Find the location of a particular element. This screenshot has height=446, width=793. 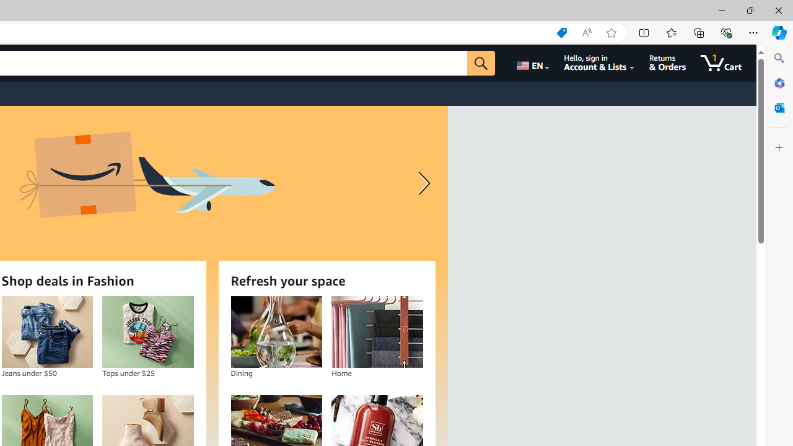

'Shopping in Microsoft Edge' is located at coordinates (561, 32).